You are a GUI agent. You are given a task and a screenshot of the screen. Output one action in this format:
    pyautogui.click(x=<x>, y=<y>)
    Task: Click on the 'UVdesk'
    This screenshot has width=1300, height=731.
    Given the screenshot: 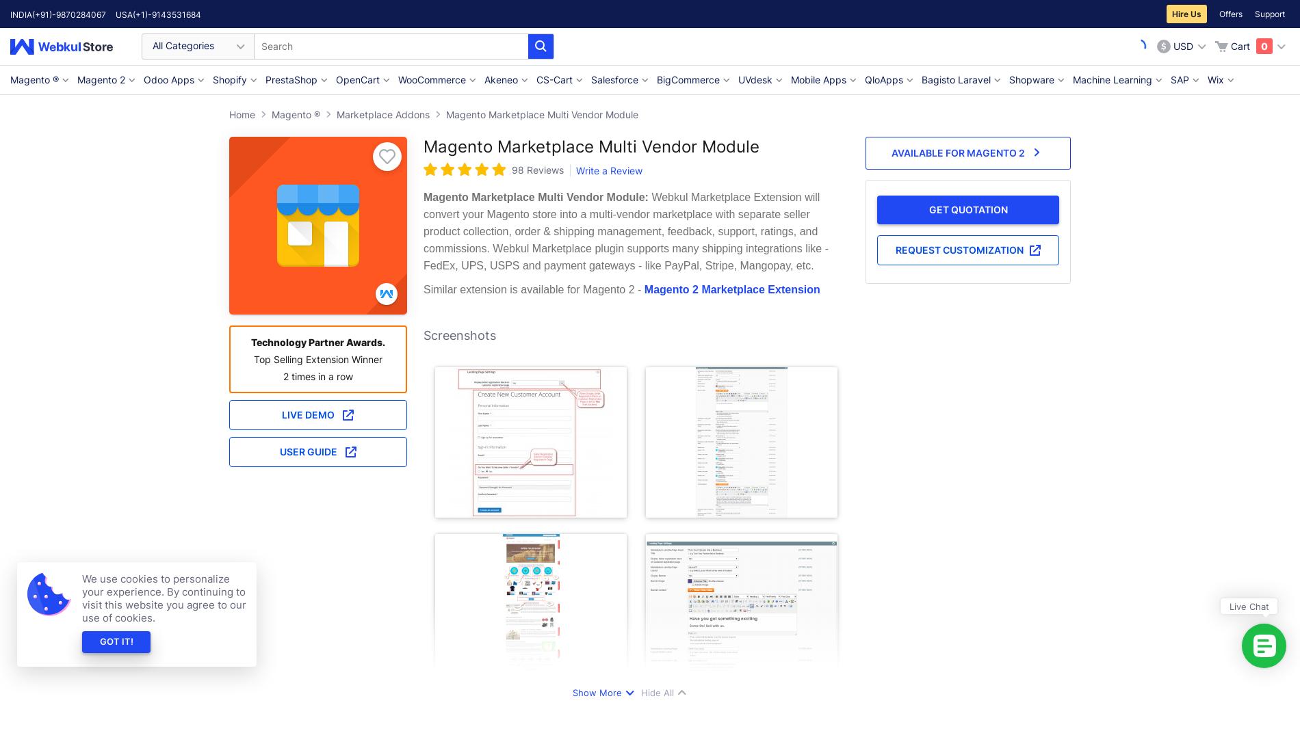 What is the action you would take?
    pyautogui.click(x=755, y=79)
    